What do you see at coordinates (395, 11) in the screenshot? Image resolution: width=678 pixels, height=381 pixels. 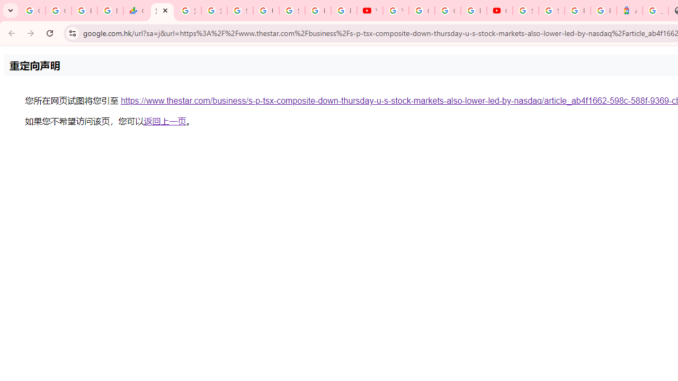 I see `'YouTube'` at bounding box center [395, 11].